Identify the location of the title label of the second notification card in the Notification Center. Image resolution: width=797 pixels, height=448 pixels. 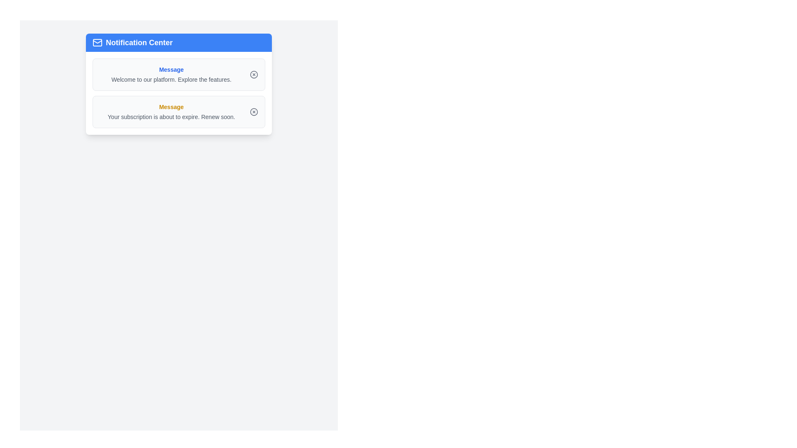
(171, 107).